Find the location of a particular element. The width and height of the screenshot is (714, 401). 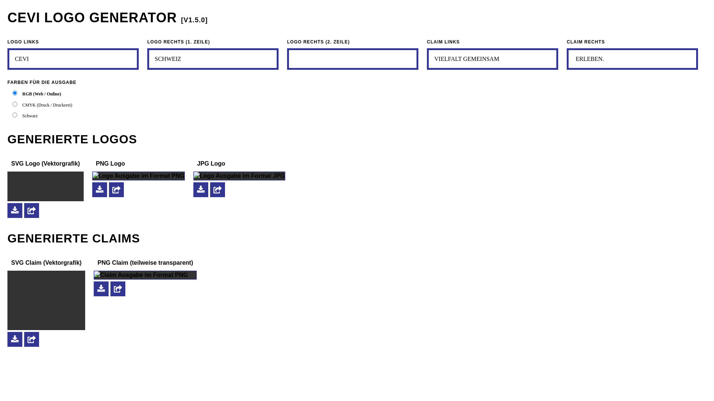

'Share JPG Logo' is located at coordinates (217, 189).